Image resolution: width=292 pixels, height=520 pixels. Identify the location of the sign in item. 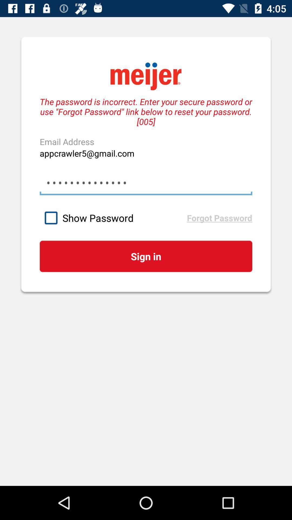
(146, 256).